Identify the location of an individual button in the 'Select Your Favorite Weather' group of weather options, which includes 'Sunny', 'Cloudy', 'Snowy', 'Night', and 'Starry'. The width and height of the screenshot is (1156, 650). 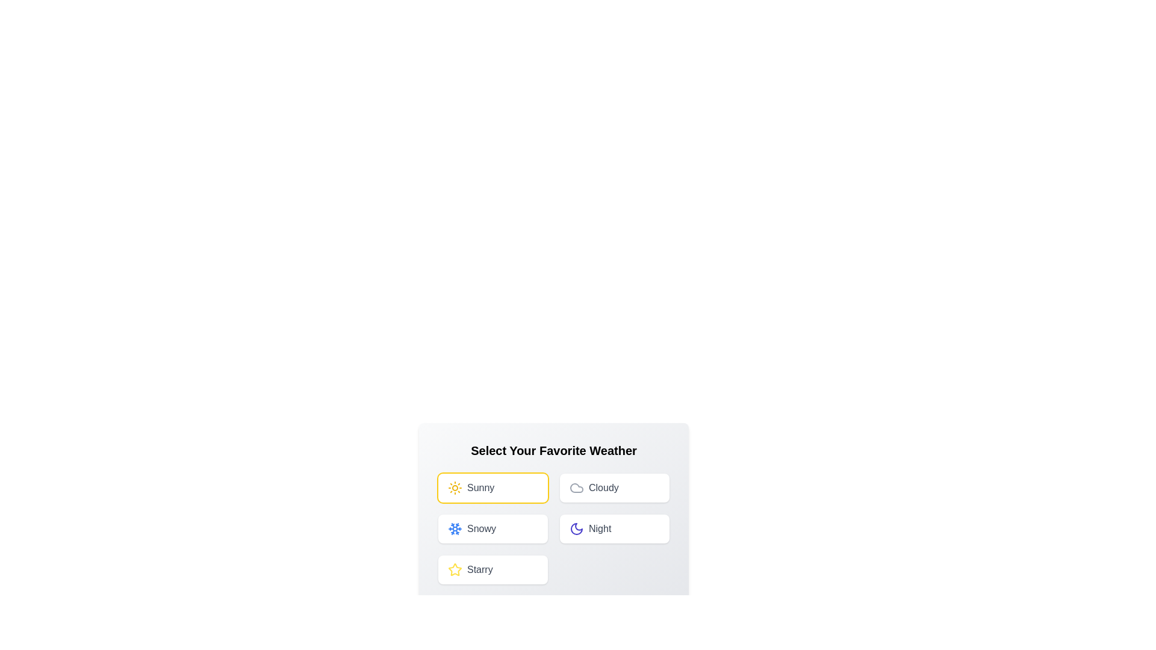
(553, 528).